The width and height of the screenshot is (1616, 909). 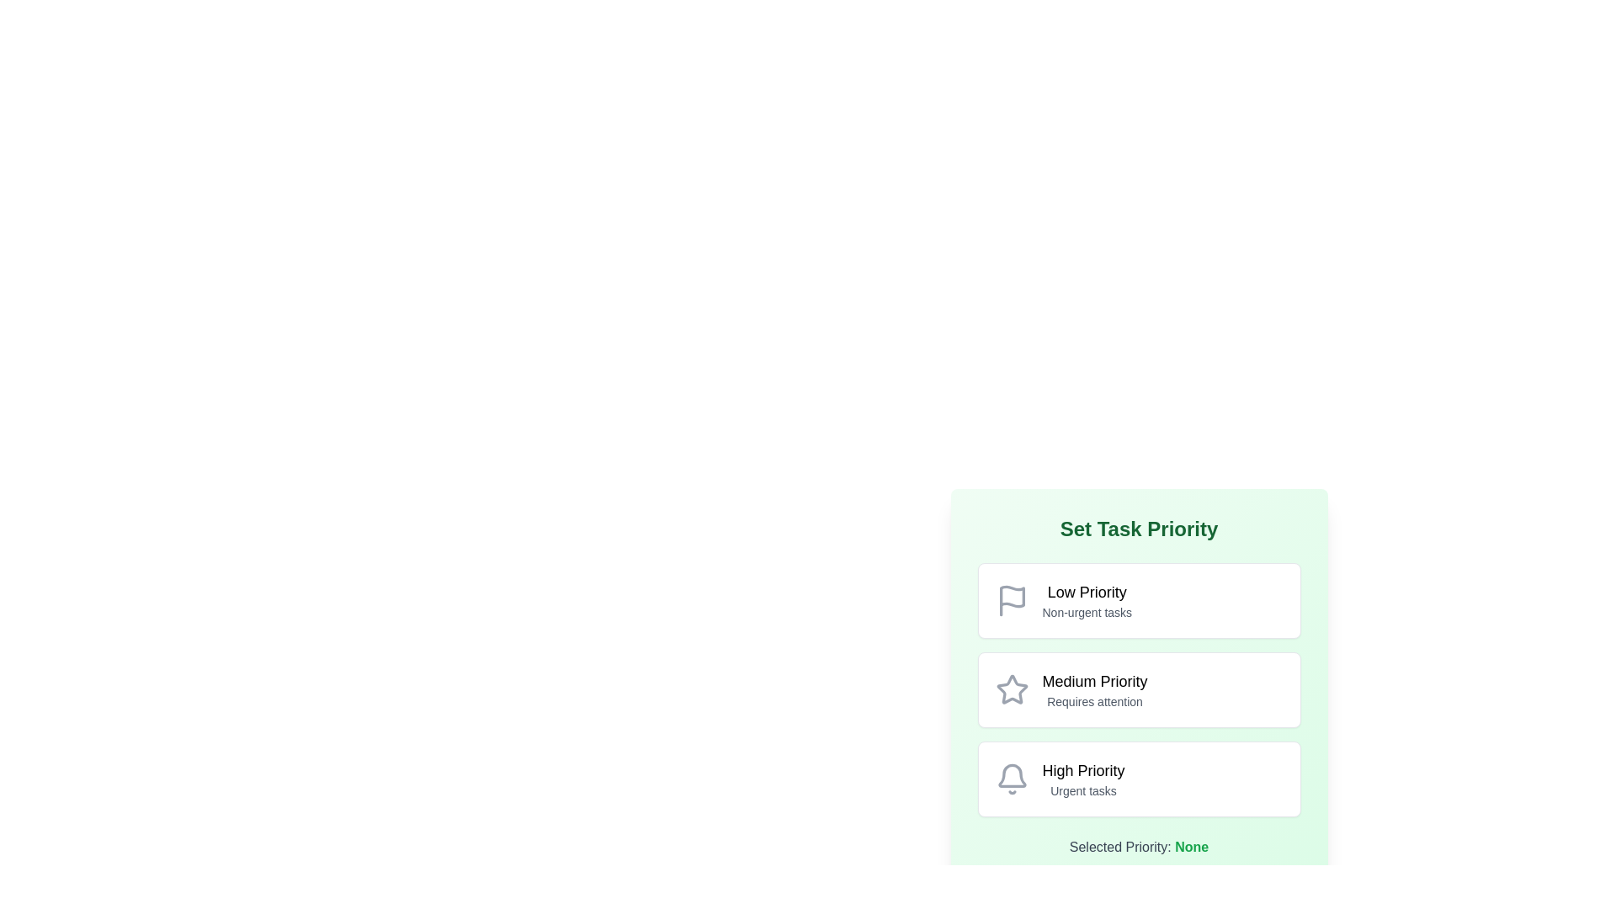 I want to click on the text label displaying 'Requires attention', which is positioned under the 'Medium Priority' label, indicating additional information about the medium priority option, so click(x=1094, y=701).